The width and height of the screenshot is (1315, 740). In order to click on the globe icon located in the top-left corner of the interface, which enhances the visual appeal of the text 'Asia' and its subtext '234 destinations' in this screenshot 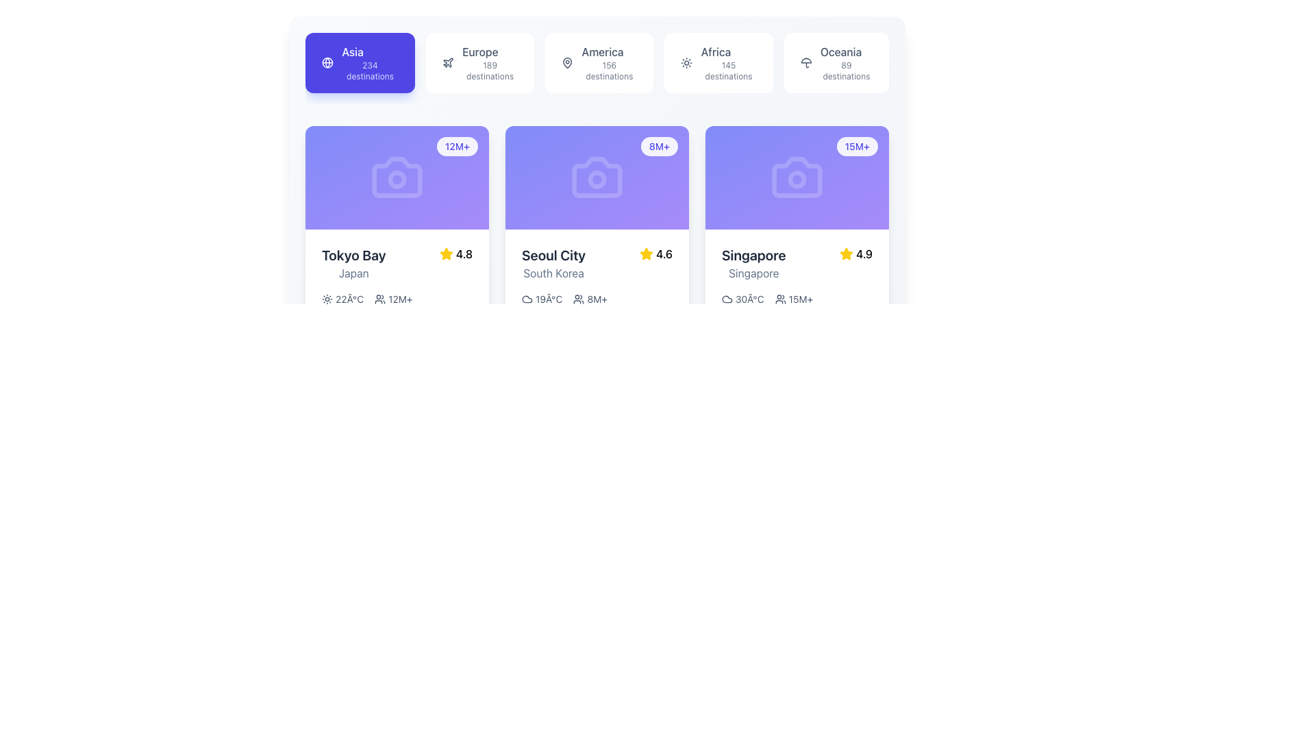, I will do `click(327, 63)`.